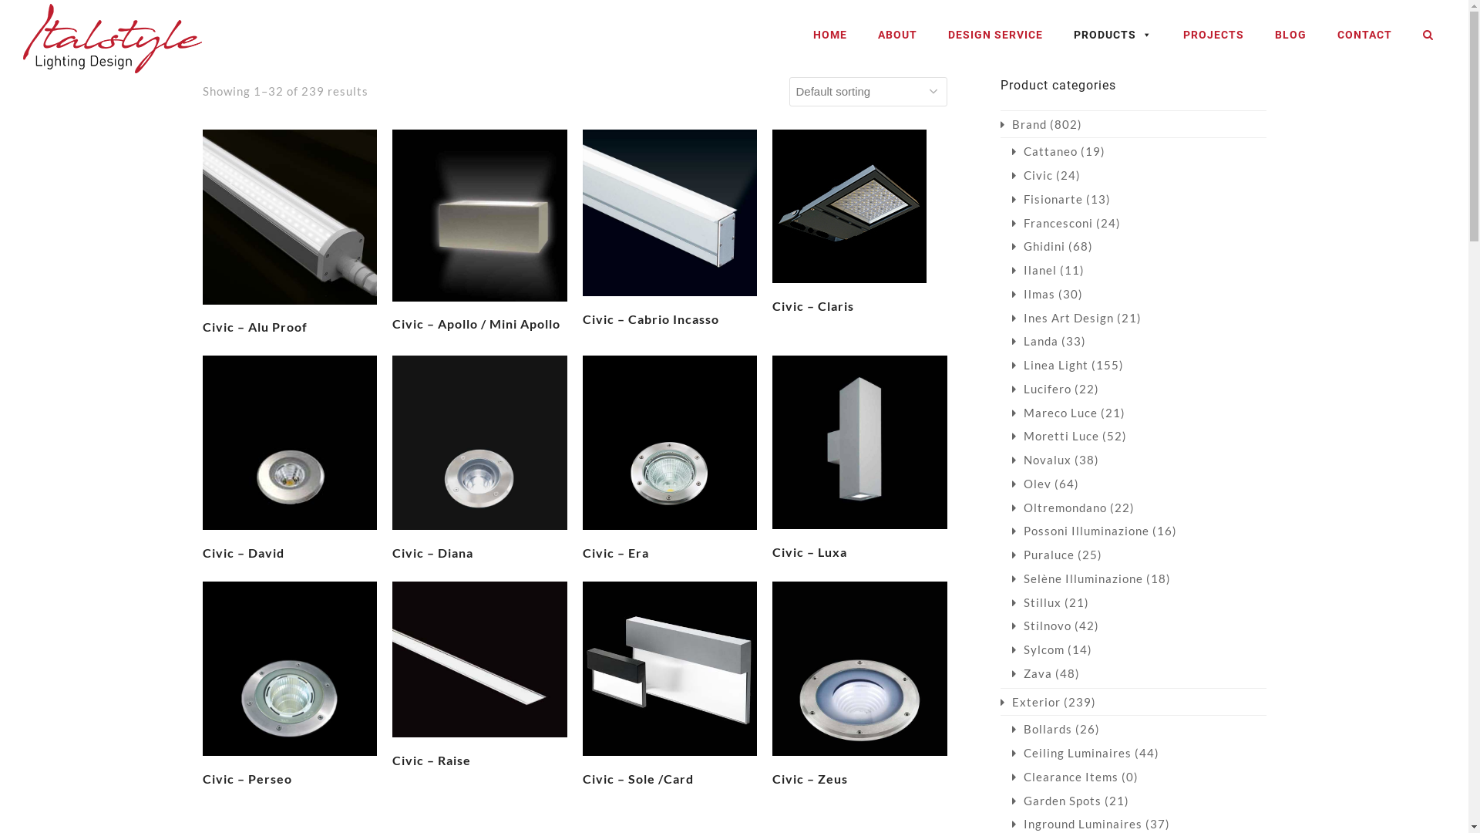 This screenshot has width=1480, height=833. What do you see at coordinates (1041, 729) in the screenshot?
I see `'Bollards'` at bounding box center [1041, 729].